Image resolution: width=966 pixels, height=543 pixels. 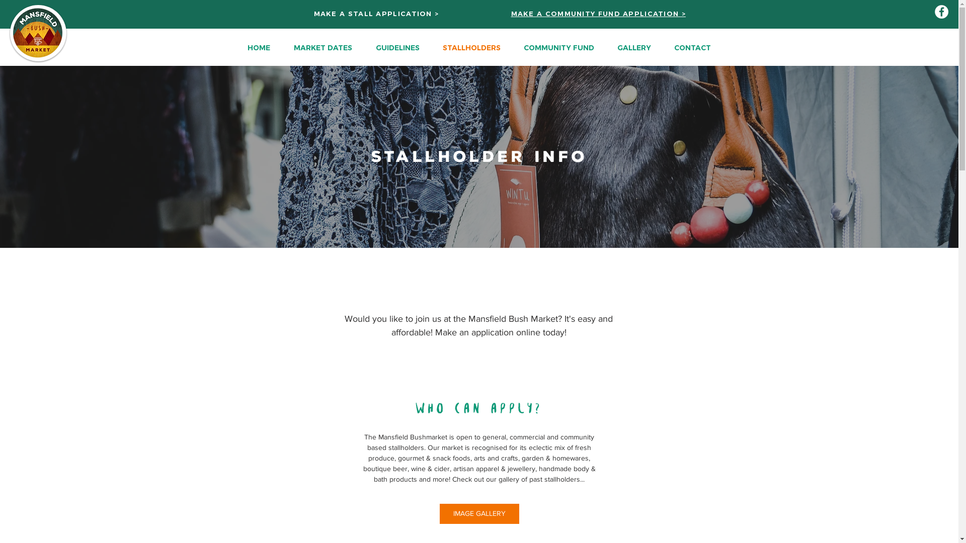 I want to click on 'IMAGE GALLERY', so click(x=479, y=514).